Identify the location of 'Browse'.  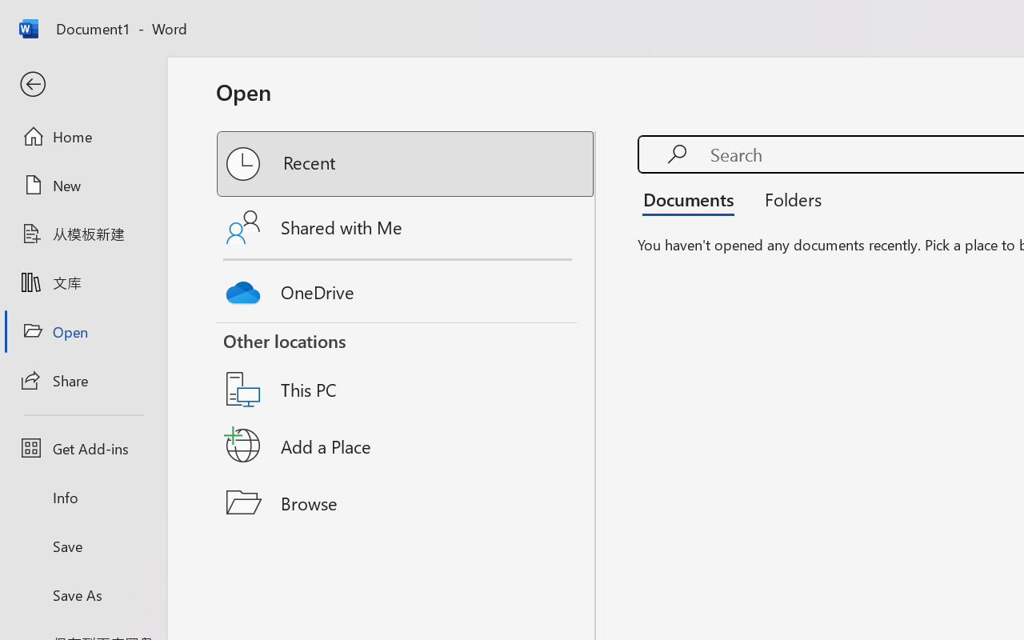
(406, 502).